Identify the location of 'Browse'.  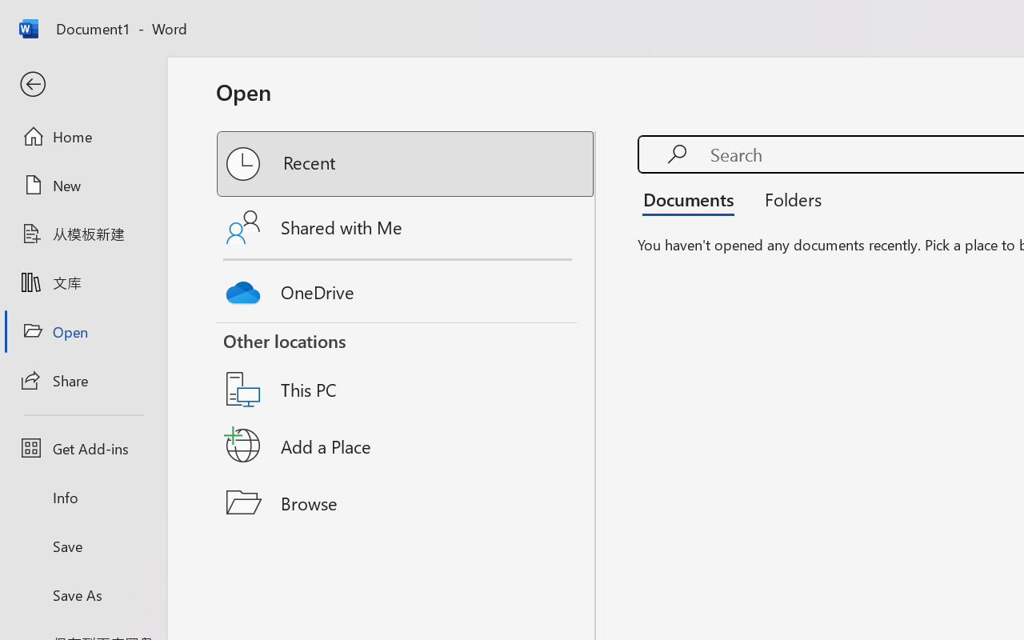
(406, 502).